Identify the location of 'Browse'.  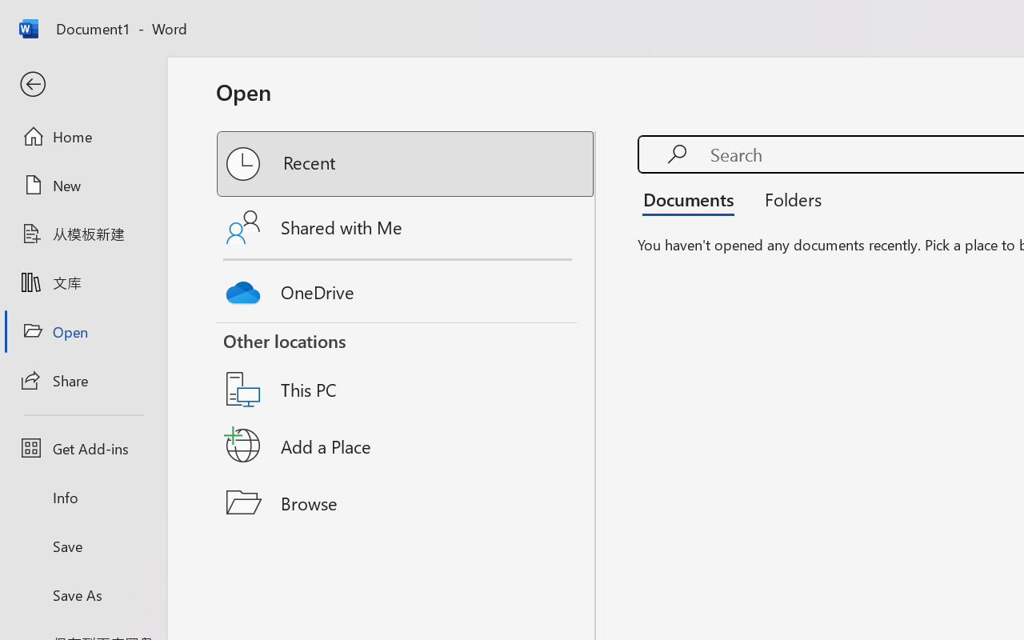
(406, 502).